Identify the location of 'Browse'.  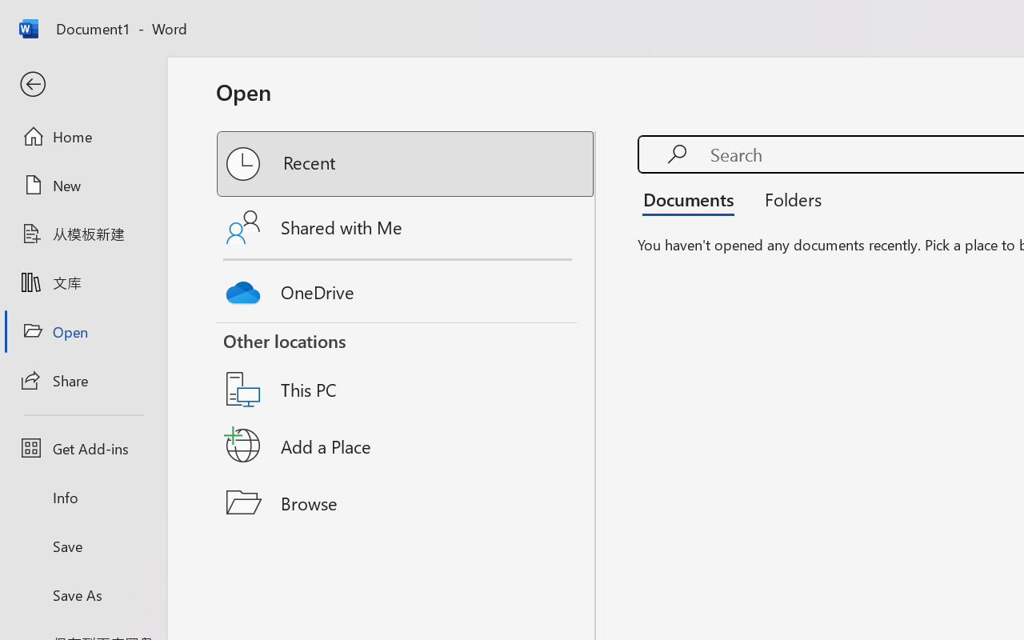
(406, 502).